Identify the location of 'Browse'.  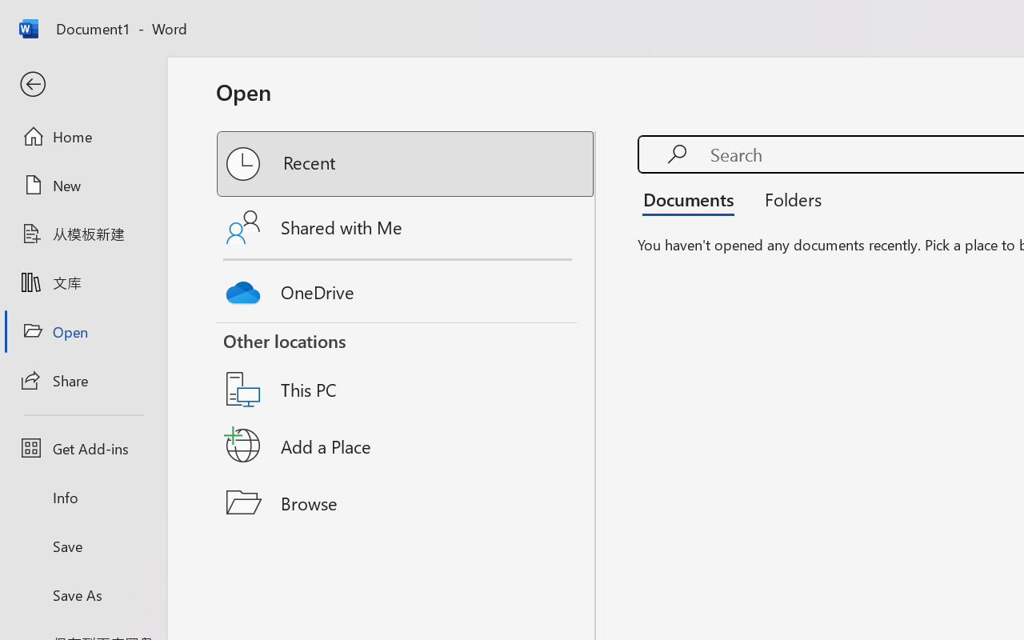
(406, 502).